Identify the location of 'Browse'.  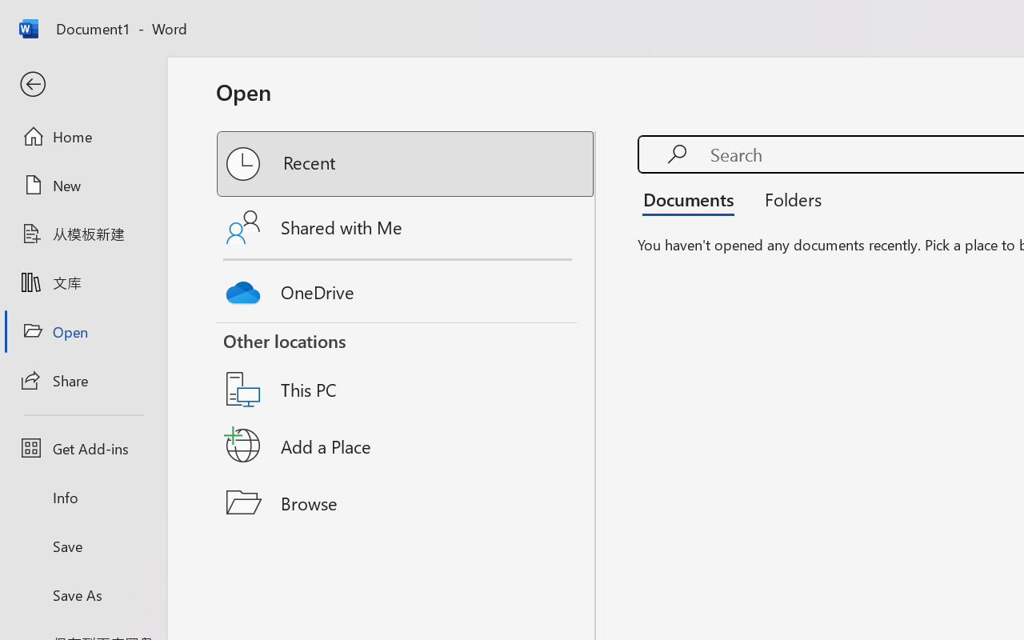
(406, 502).